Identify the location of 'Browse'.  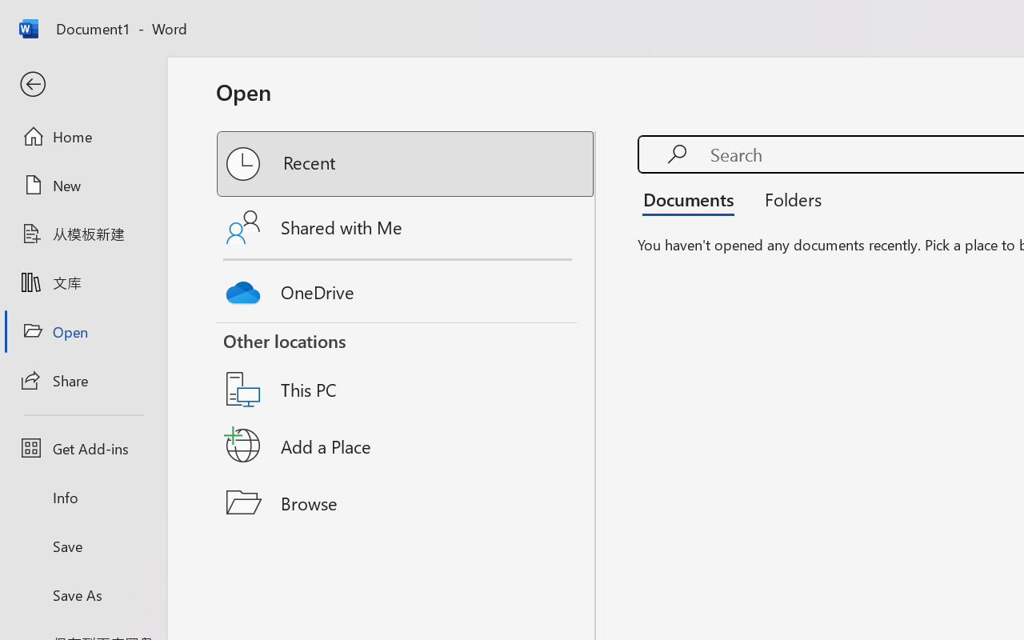
(406, 502).